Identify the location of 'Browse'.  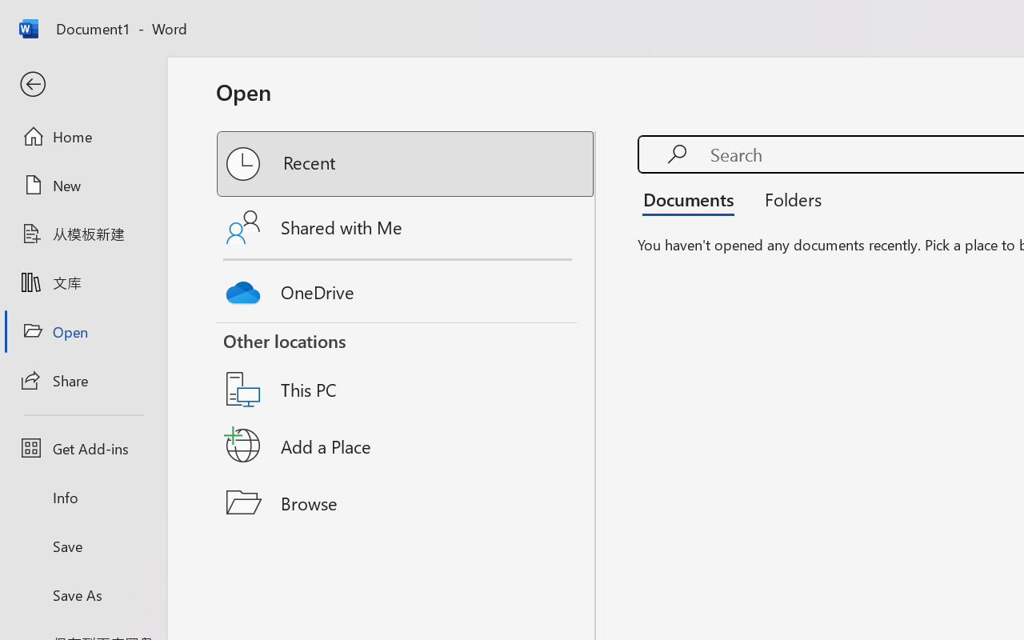
(406, 502).